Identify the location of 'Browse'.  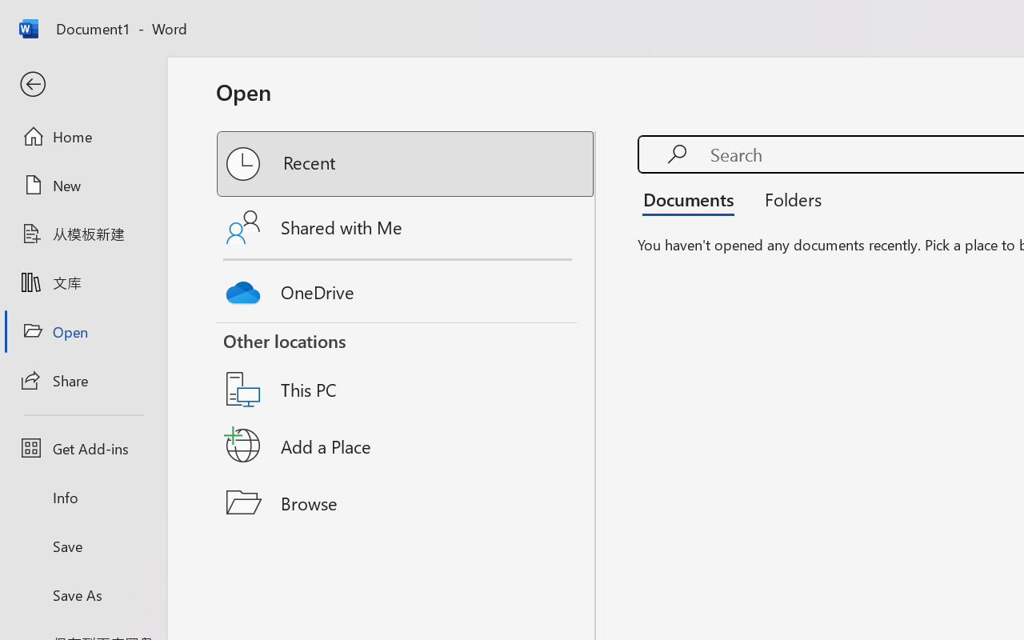
(406, 502).